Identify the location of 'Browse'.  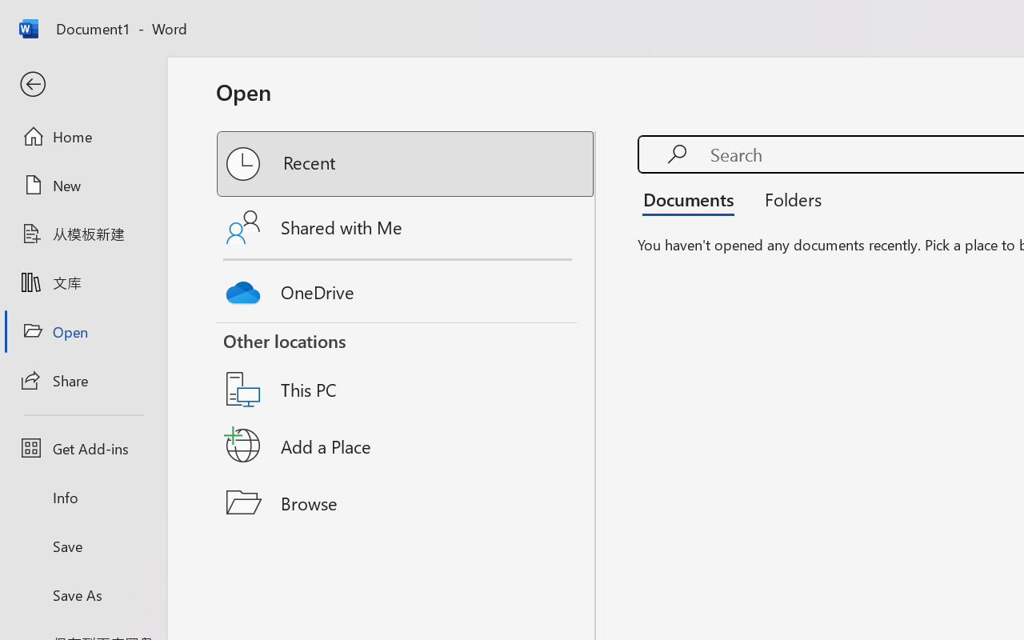
(406, 502).